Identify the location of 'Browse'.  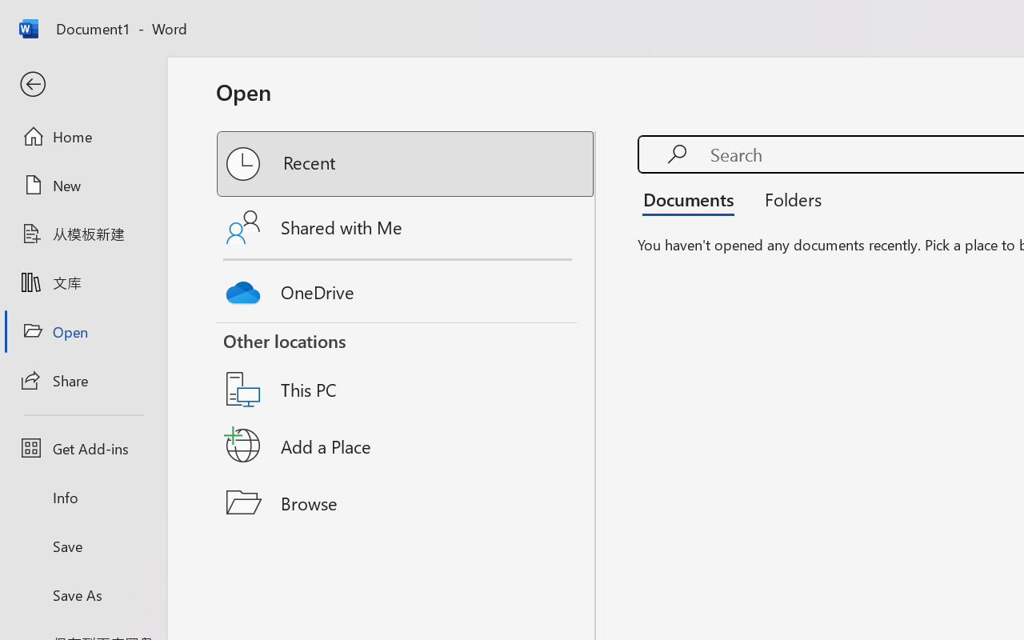
(406, 502).